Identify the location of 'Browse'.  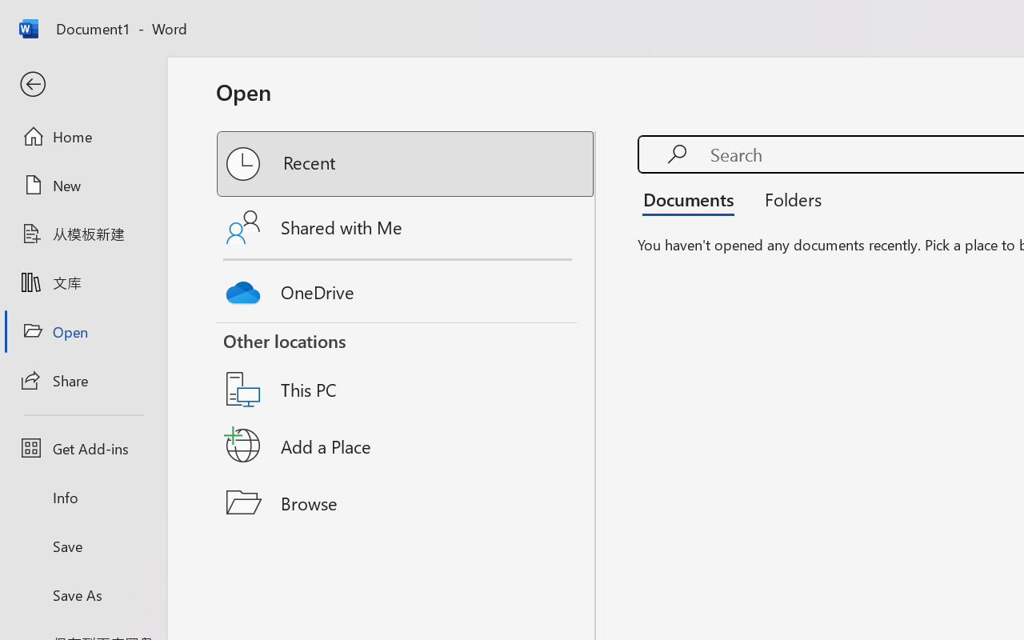
(406, 502).